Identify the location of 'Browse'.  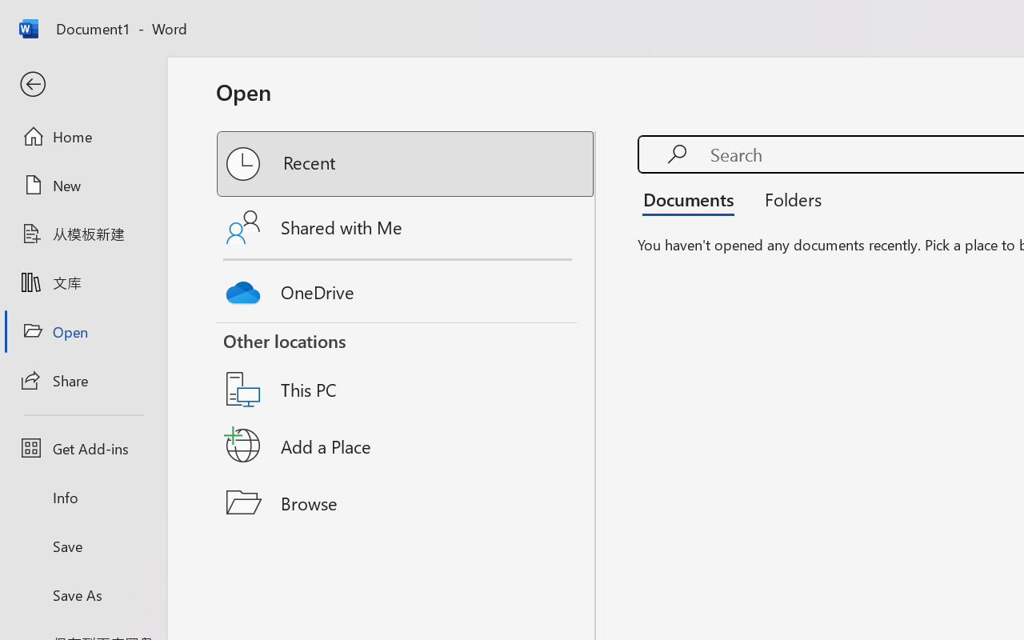
(406, 502).